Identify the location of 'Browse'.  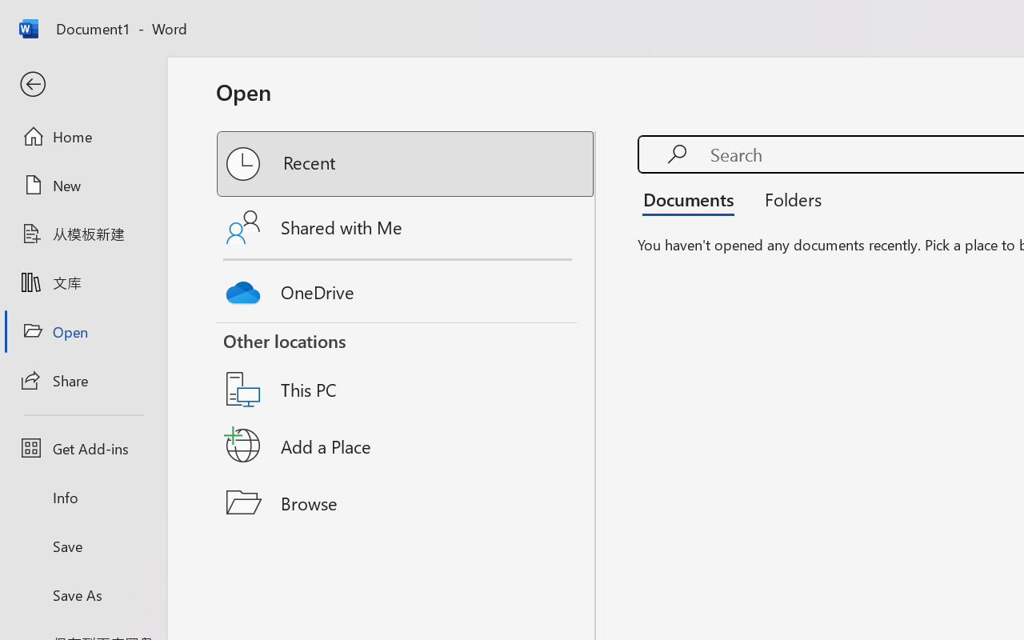
(406, 502).